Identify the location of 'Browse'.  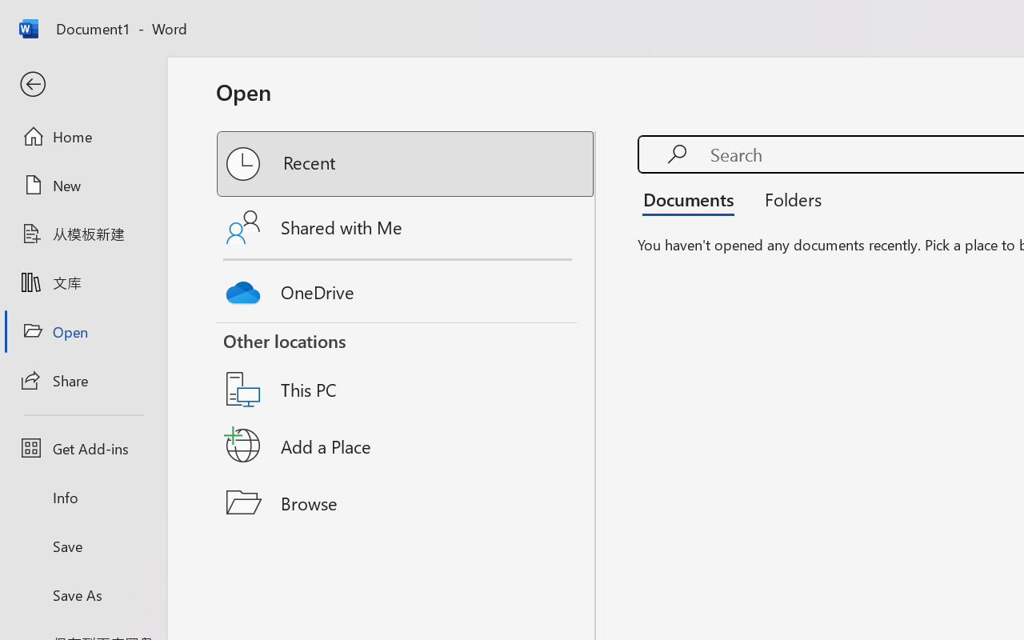
(406, 502).